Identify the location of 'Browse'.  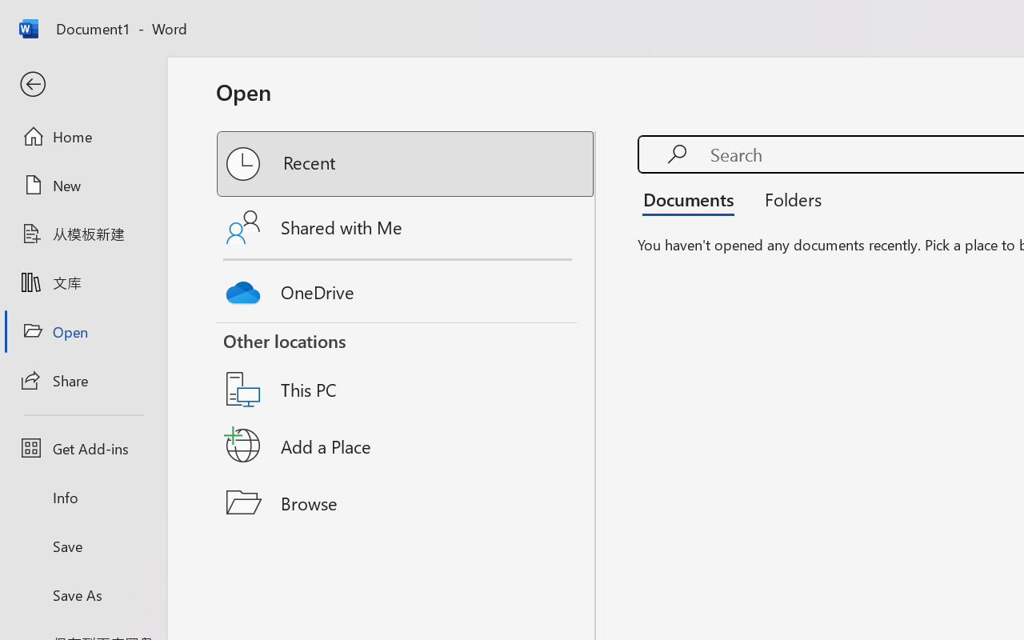
(406, 502).